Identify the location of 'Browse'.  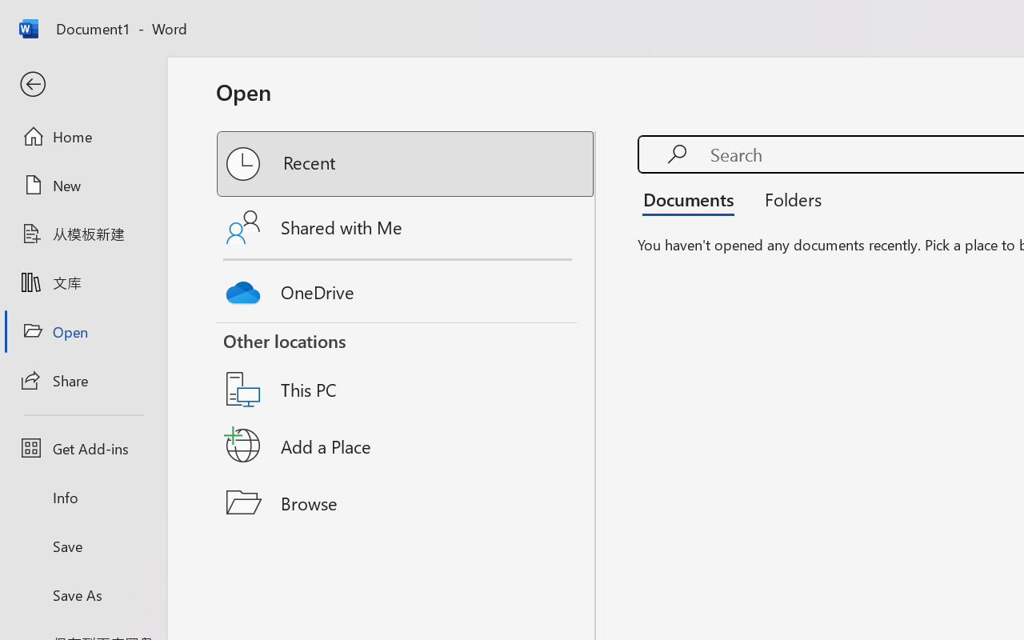
(406, 502).